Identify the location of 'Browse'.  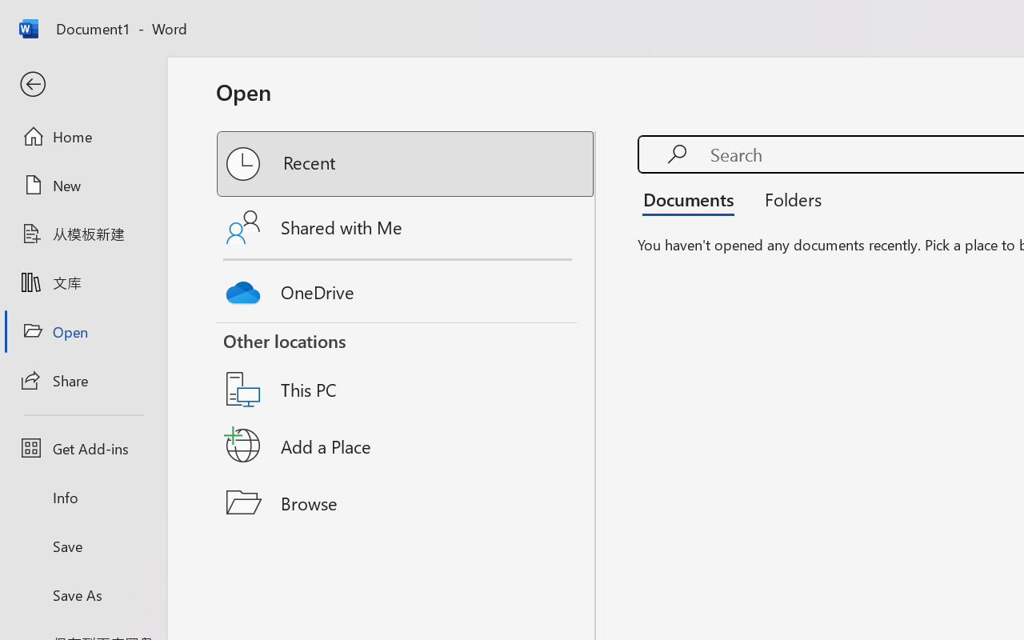
(406, 502).